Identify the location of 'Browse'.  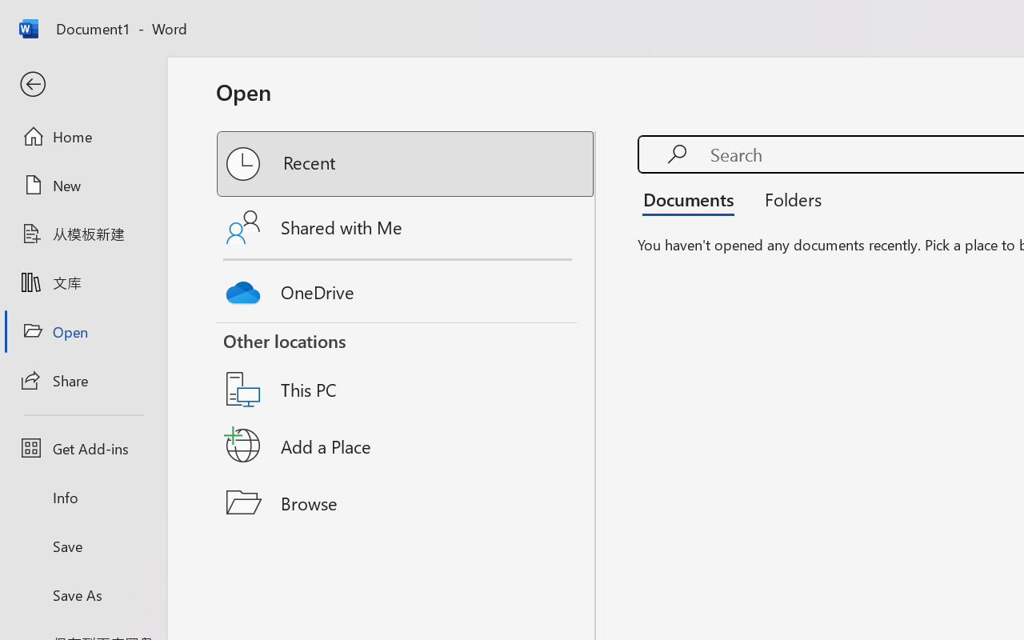
(406, 502).